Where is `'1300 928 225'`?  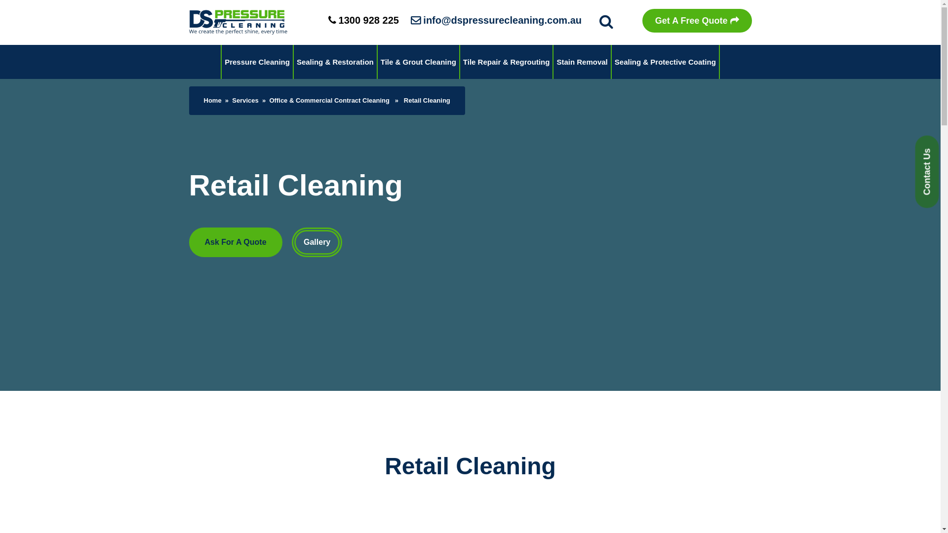 '1300 928 225' is located at coordinates (363, 20).